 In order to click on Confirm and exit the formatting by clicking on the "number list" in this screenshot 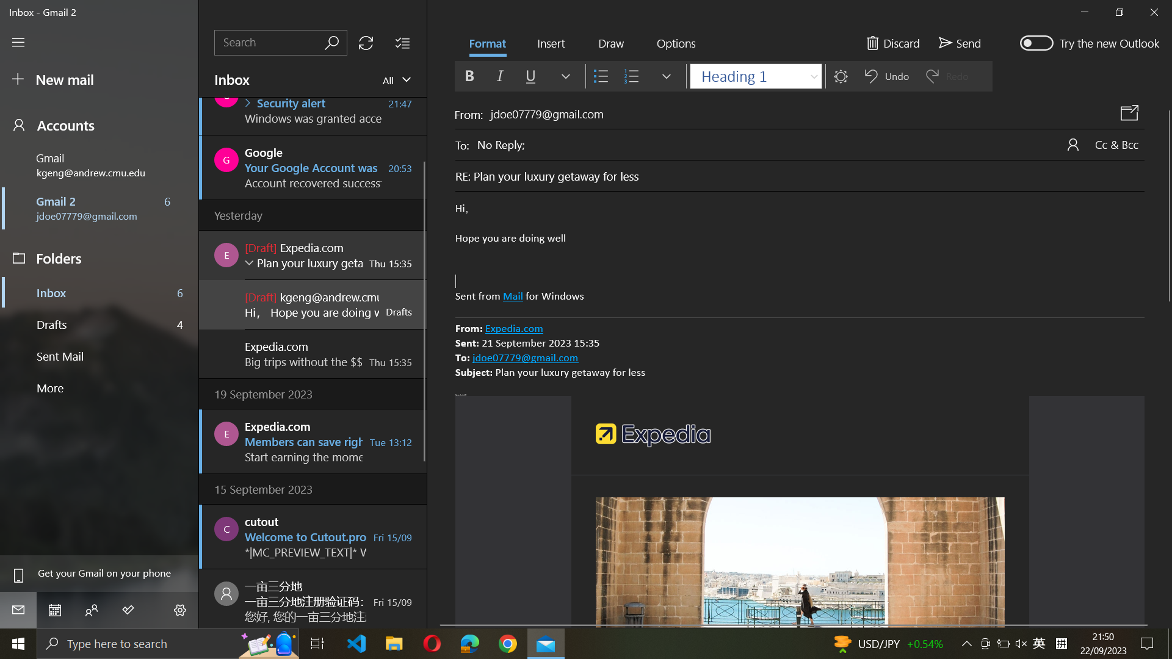, I will do `click(800, 253)`.